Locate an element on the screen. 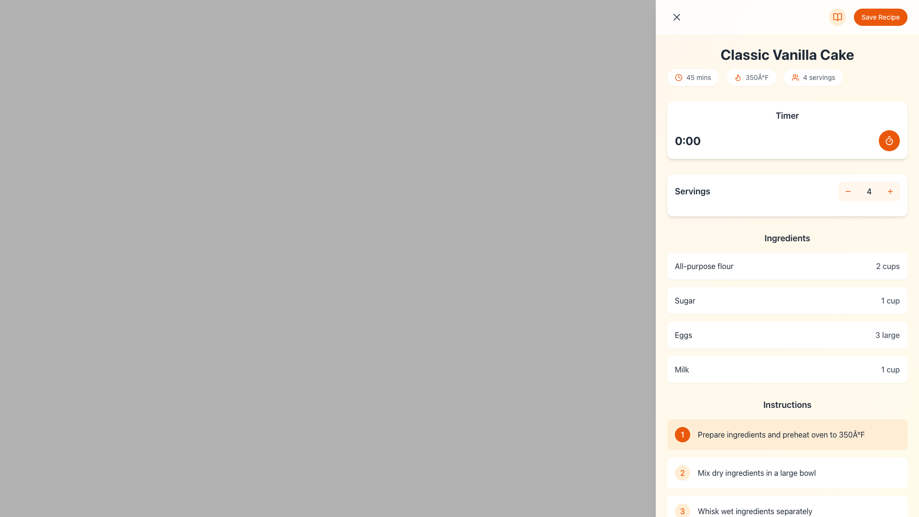 This screenshot has width=919, height=517. the Text Display that shows '1 cup' in gray color, located to the right of the ingredient label 'Milk' is located at coordinates (890, 369).